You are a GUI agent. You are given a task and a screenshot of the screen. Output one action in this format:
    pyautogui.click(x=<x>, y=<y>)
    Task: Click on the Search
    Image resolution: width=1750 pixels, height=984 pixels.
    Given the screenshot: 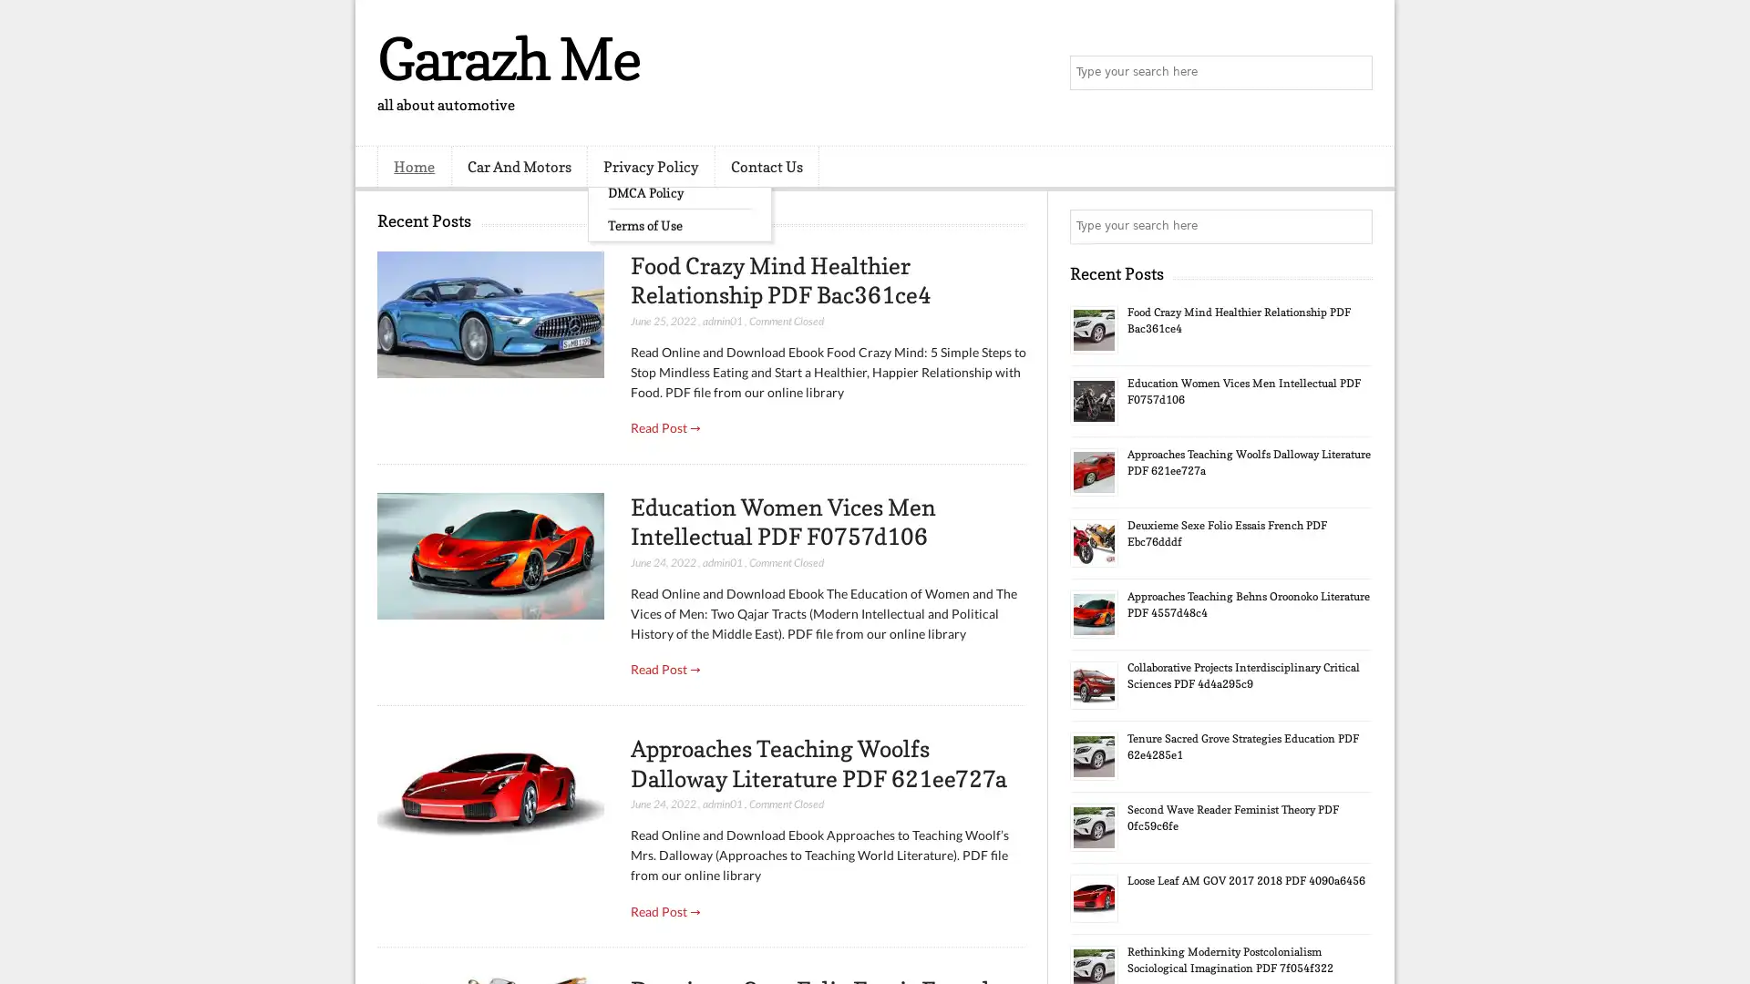 What is the action you would take?
    pyautogui.click(x=1354, y=226)
    